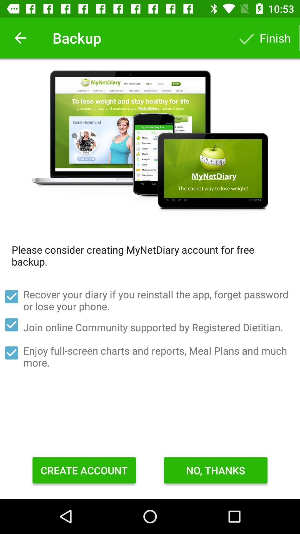 The width and height of the screenshot is (300, 534). I want to click on icon at the bottom left corner, so click(84, 470).